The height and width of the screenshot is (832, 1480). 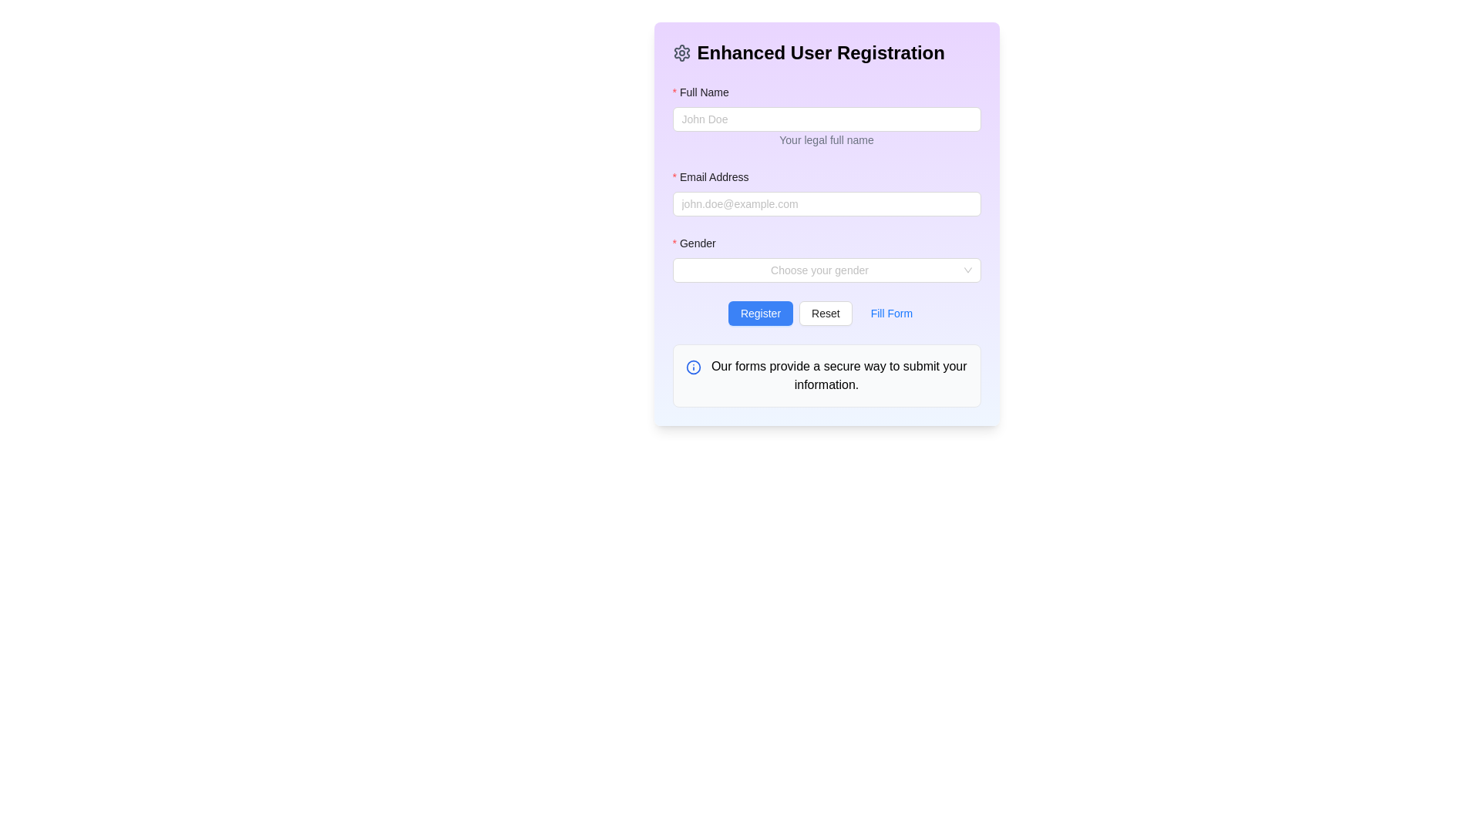 What do you see at coordinates (891, 313) in the screenshot?
I see `text label within the button located in the bottom-right area of the form interface, next to the 'Register' and 'Reset' buttons` at bounding box center [891, 313].